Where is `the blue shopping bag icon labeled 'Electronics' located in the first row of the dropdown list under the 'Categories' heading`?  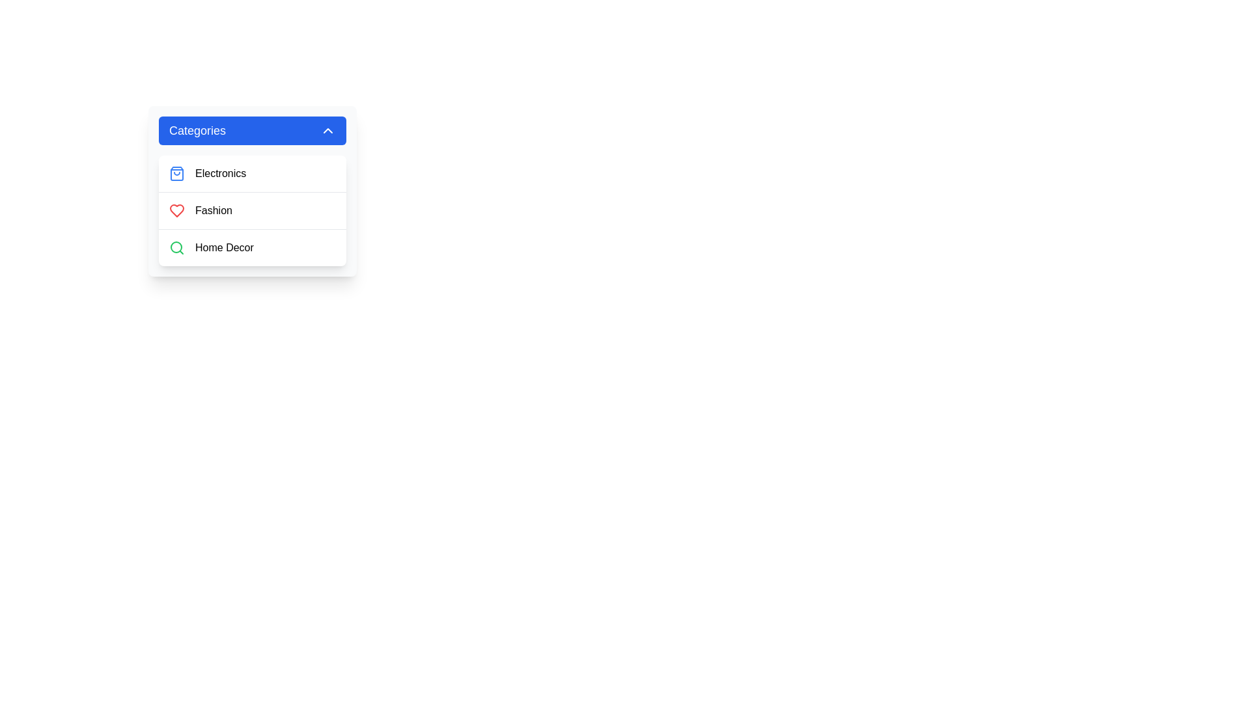
the blue shopping bag icon labeled 'Electronics' located in the first row of the dropdown list under the 'Categories' heading is located at coordinates (176, 172).